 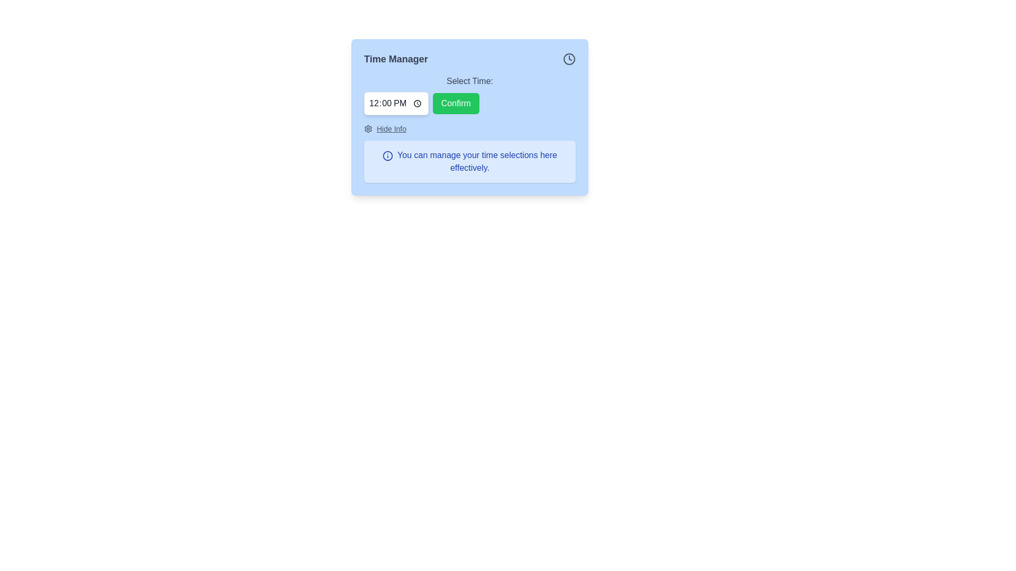 What do you see at coordinates (368, 128) in the screenshot?
I see `the settings icon located at the top right corner of the 'Time Manager' dialog box, adjacent to the title text` at bounding box center [368, 128].